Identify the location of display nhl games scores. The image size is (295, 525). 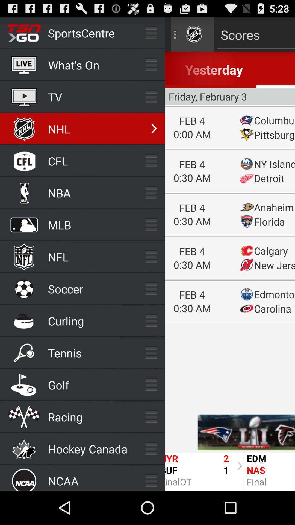
(230, 253).